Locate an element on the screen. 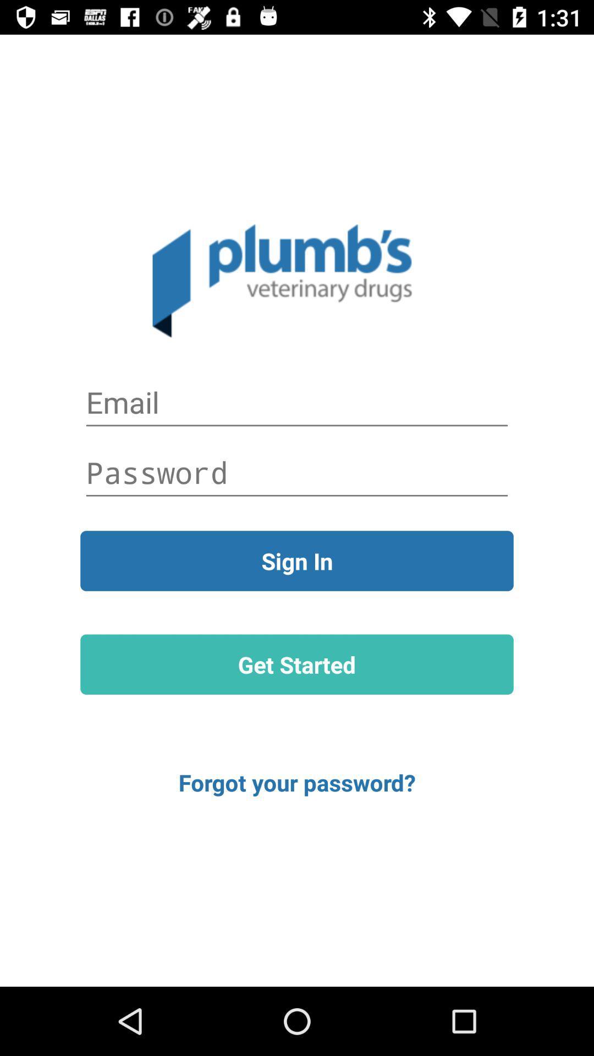 This screenshot has height=1056, width=594. autoplay option is located at coordinates (297, 402).